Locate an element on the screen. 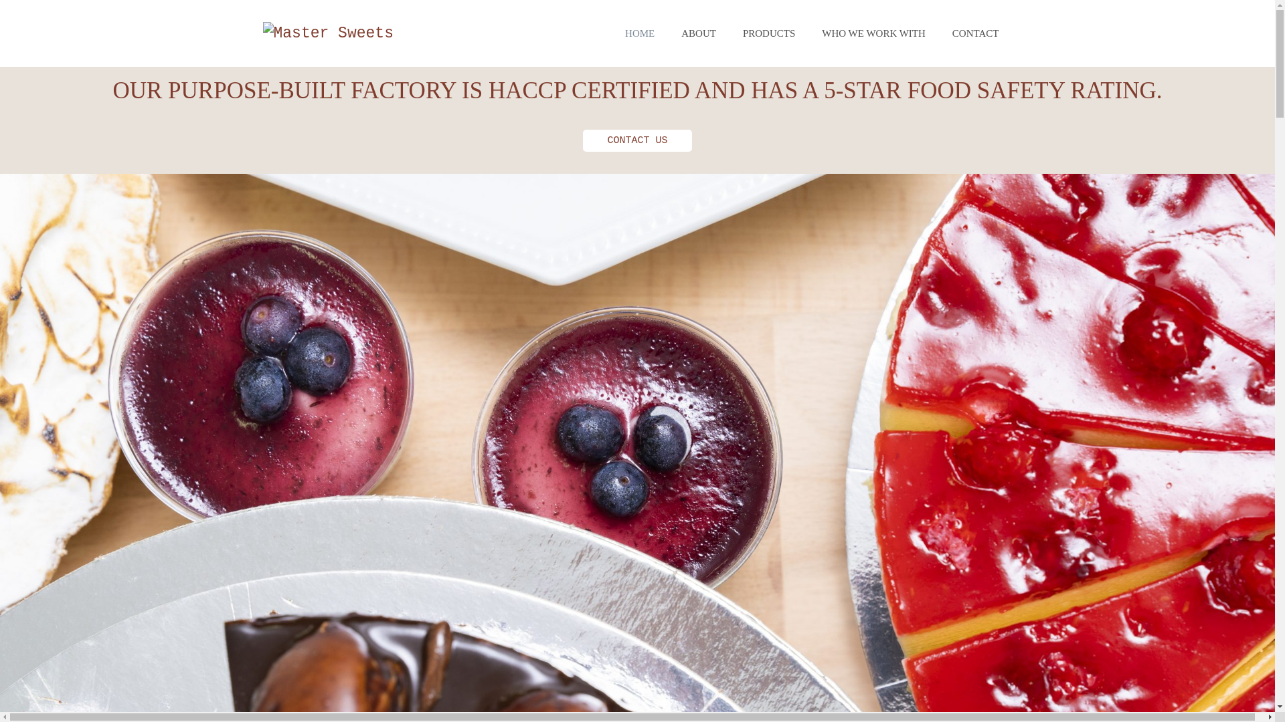 Image resolution: width=1285 pixels, height=722 pixels. 'CONTACT US' is located at coordinates (636, 140).